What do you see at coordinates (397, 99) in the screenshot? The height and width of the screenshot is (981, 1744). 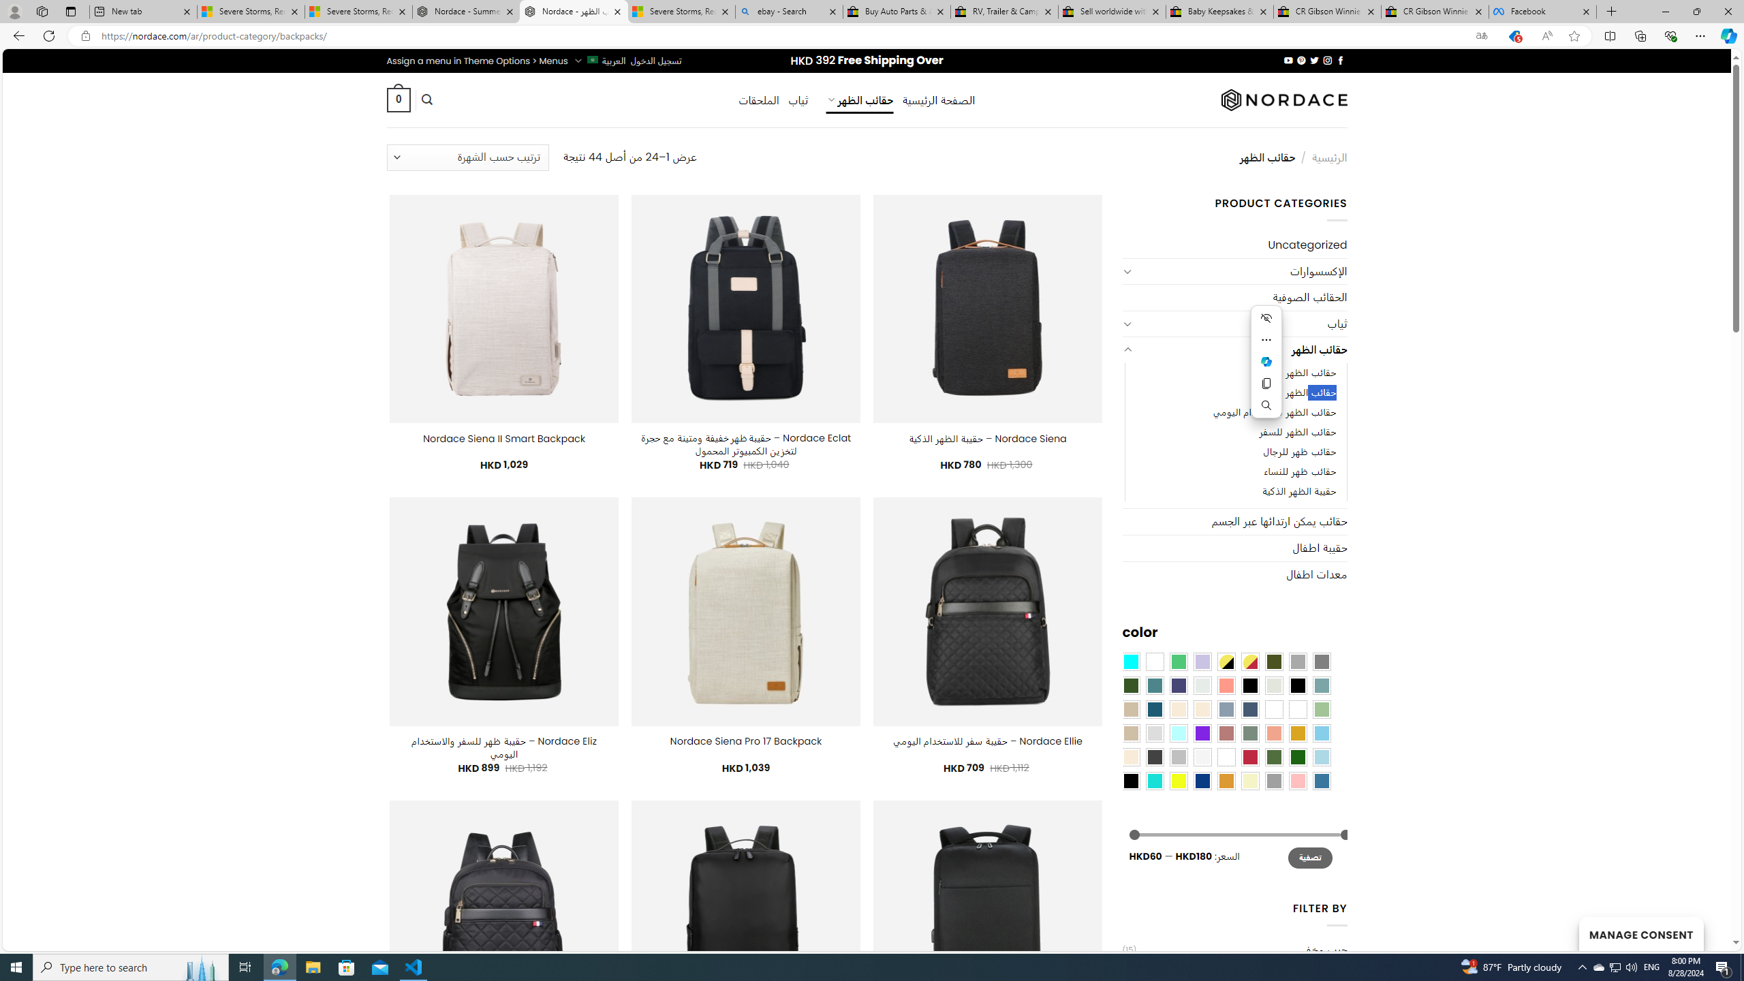 I see `' 0 '` at bounding box center [397, 99].